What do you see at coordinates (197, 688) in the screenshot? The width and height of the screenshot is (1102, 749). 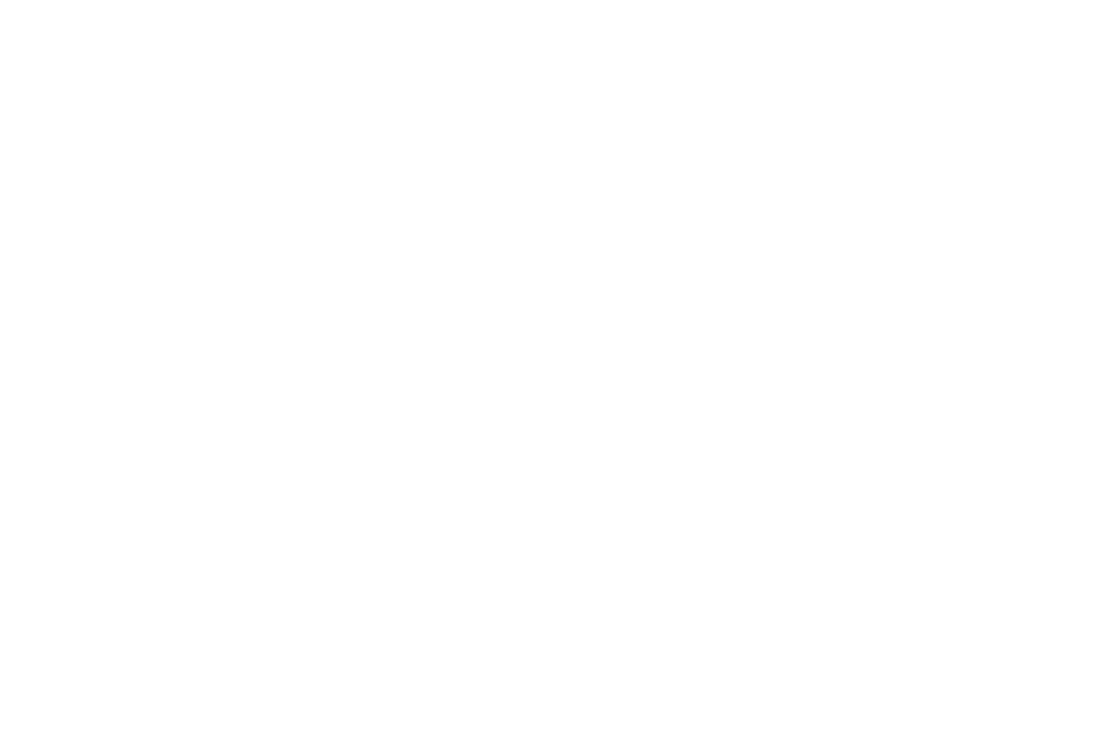 I see `'Media Management'` at bounding box center [197, 688].